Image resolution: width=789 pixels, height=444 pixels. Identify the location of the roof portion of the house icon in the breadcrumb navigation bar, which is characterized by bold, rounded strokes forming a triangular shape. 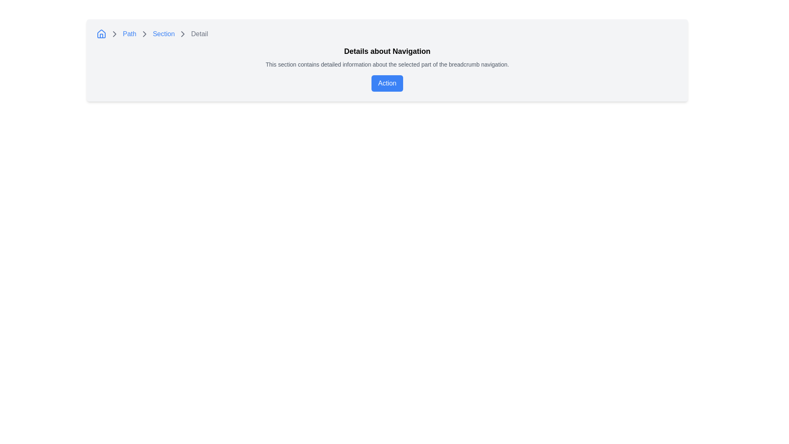
(101, 33).